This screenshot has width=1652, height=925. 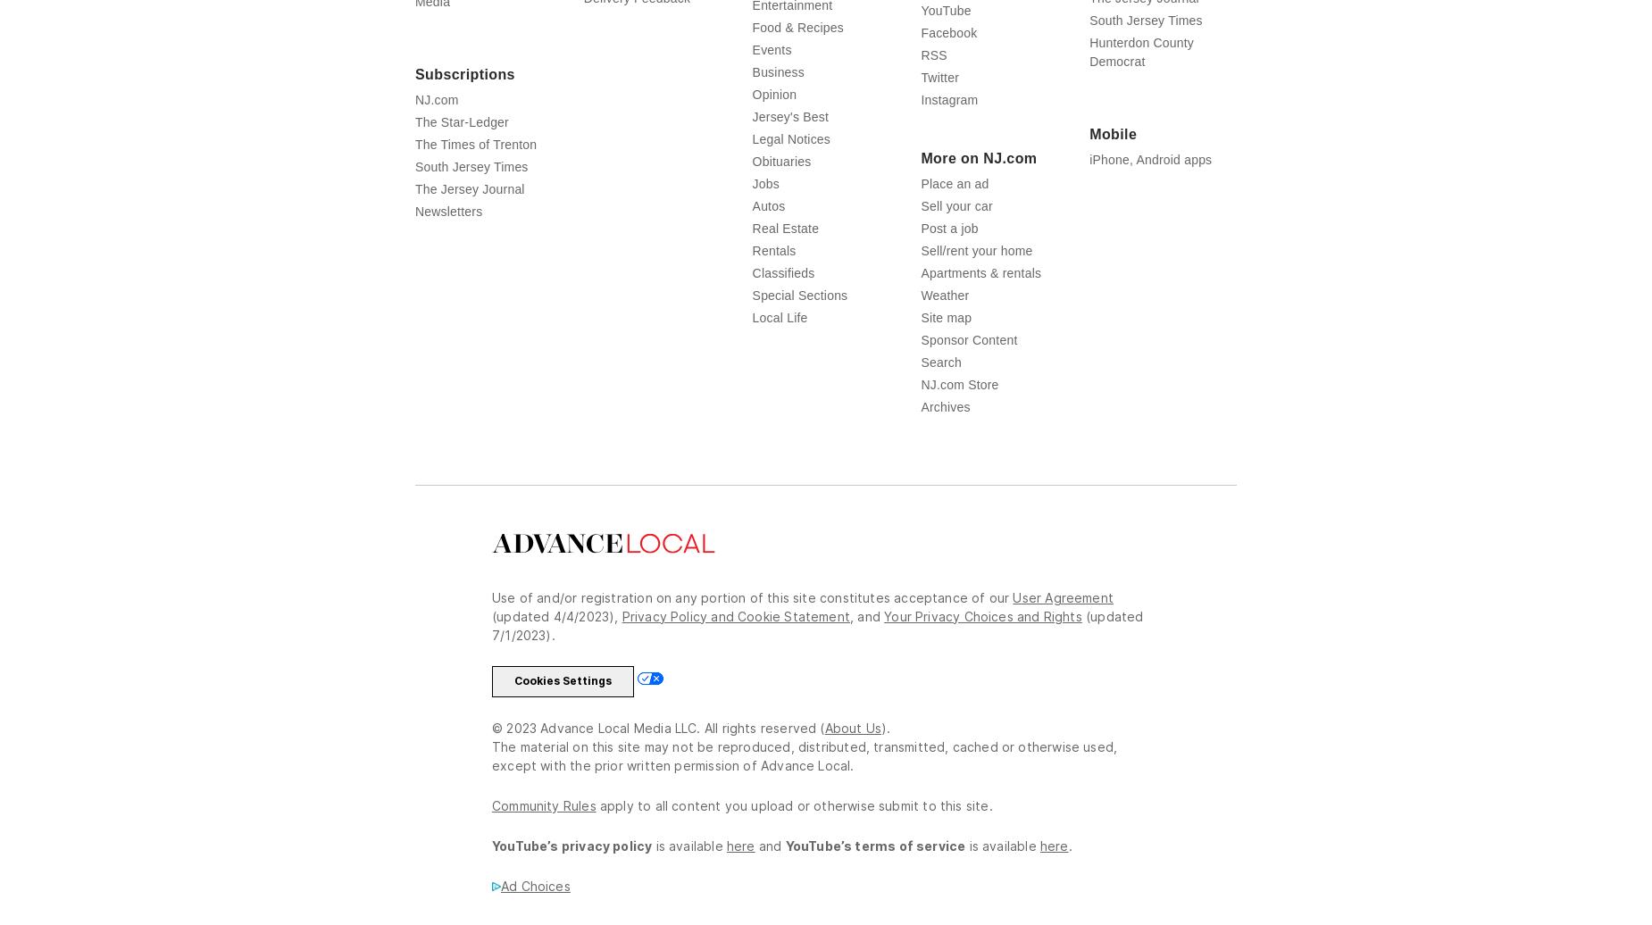 I want to click on 'Subscriptions', so click(x=464, y=73).